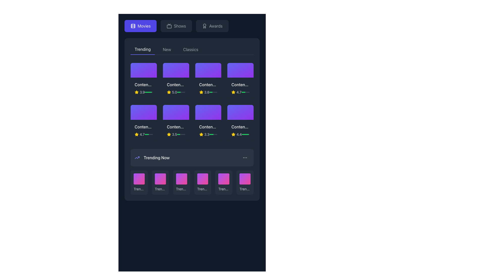 The width and height of the screenshot is (485, 273). What do you see at coordinates (211, 134) in the screenshot?
I see `the progress bar with a green background color, which is positioned in the middle-bottom of a card-like section in the interface` at bounding box center [211, 134].